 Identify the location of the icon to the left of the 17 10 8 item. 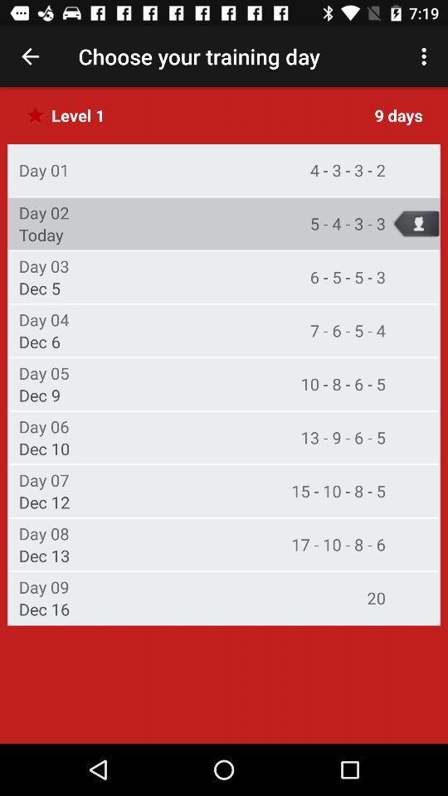
(44, 532).